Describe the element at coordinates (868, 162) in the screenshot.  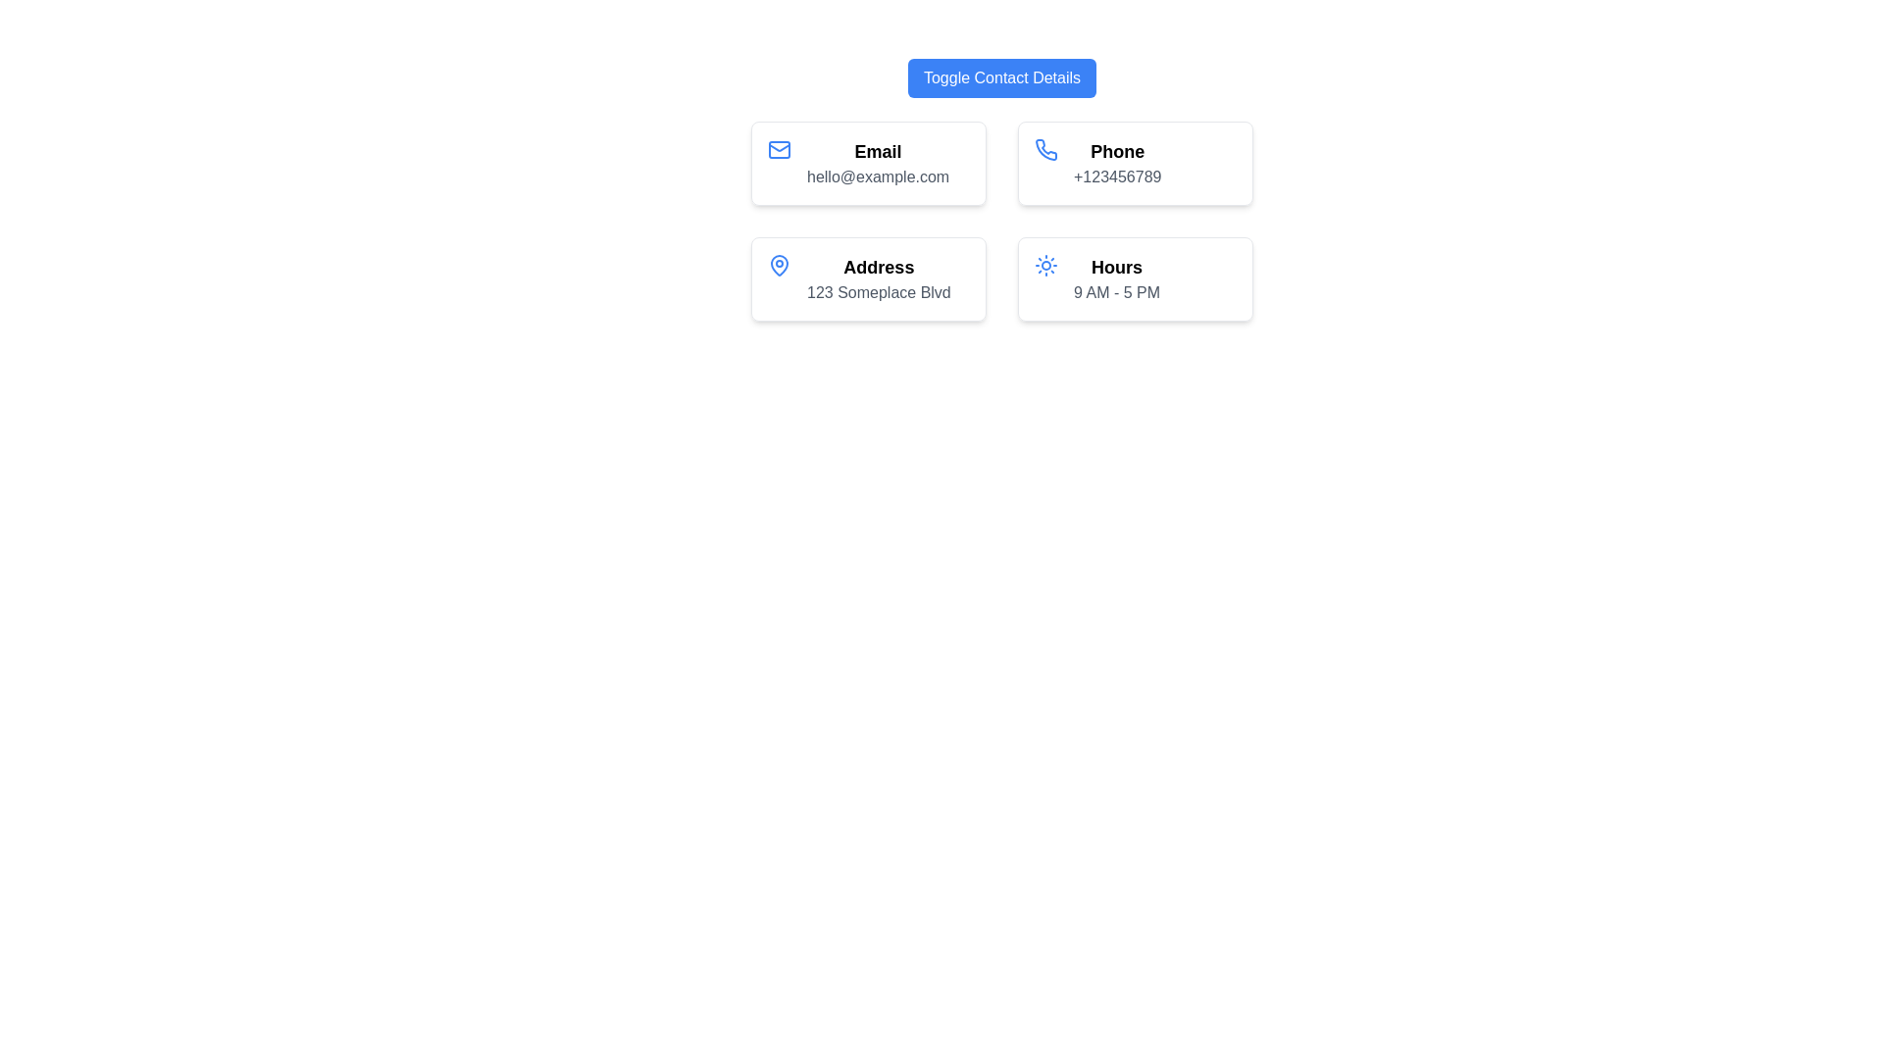
I see `the email display card located in the top-left quadrant of the grid, which provides contact email information` at that location.